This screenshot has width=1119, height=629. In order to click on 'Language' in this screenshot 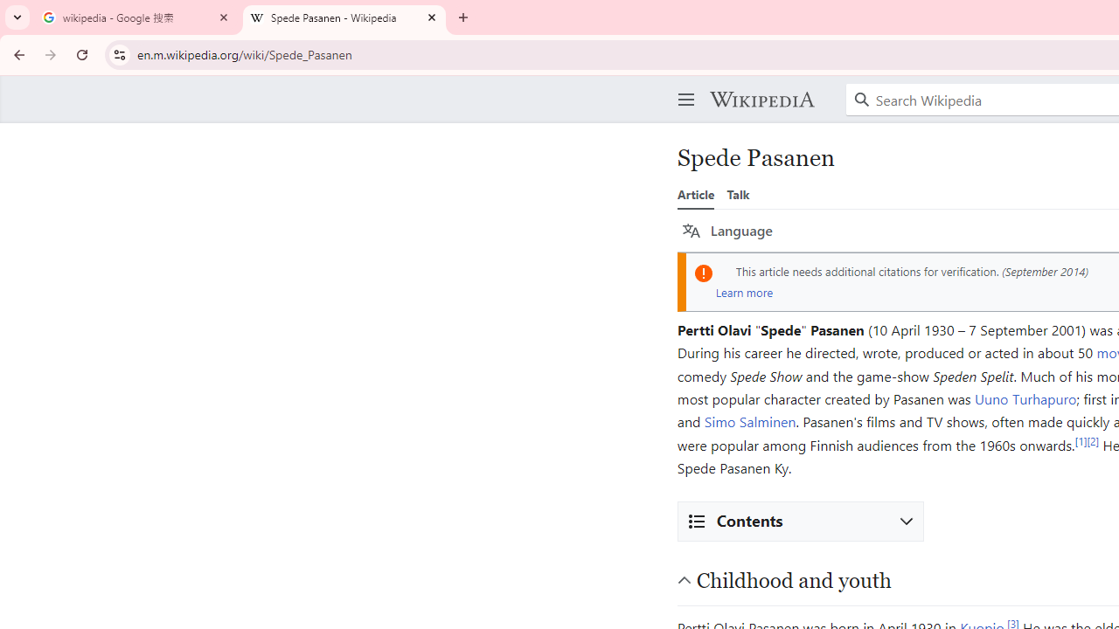, I will do `click(727, 230)`.